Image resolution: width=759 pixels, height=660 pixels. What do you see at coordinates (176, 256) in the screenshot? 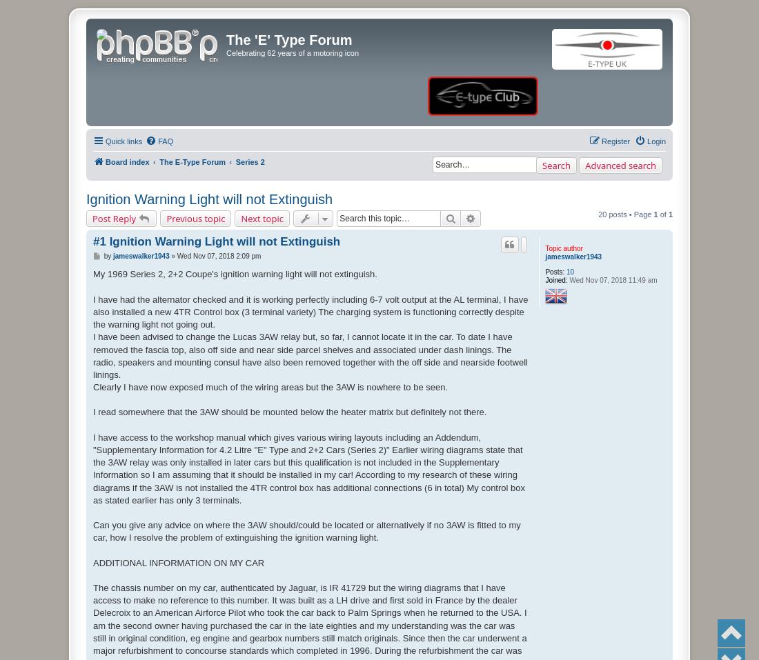
I see `'Wed Nov 07, 2018 2:09 pm'` at bounding box center [176, 256].